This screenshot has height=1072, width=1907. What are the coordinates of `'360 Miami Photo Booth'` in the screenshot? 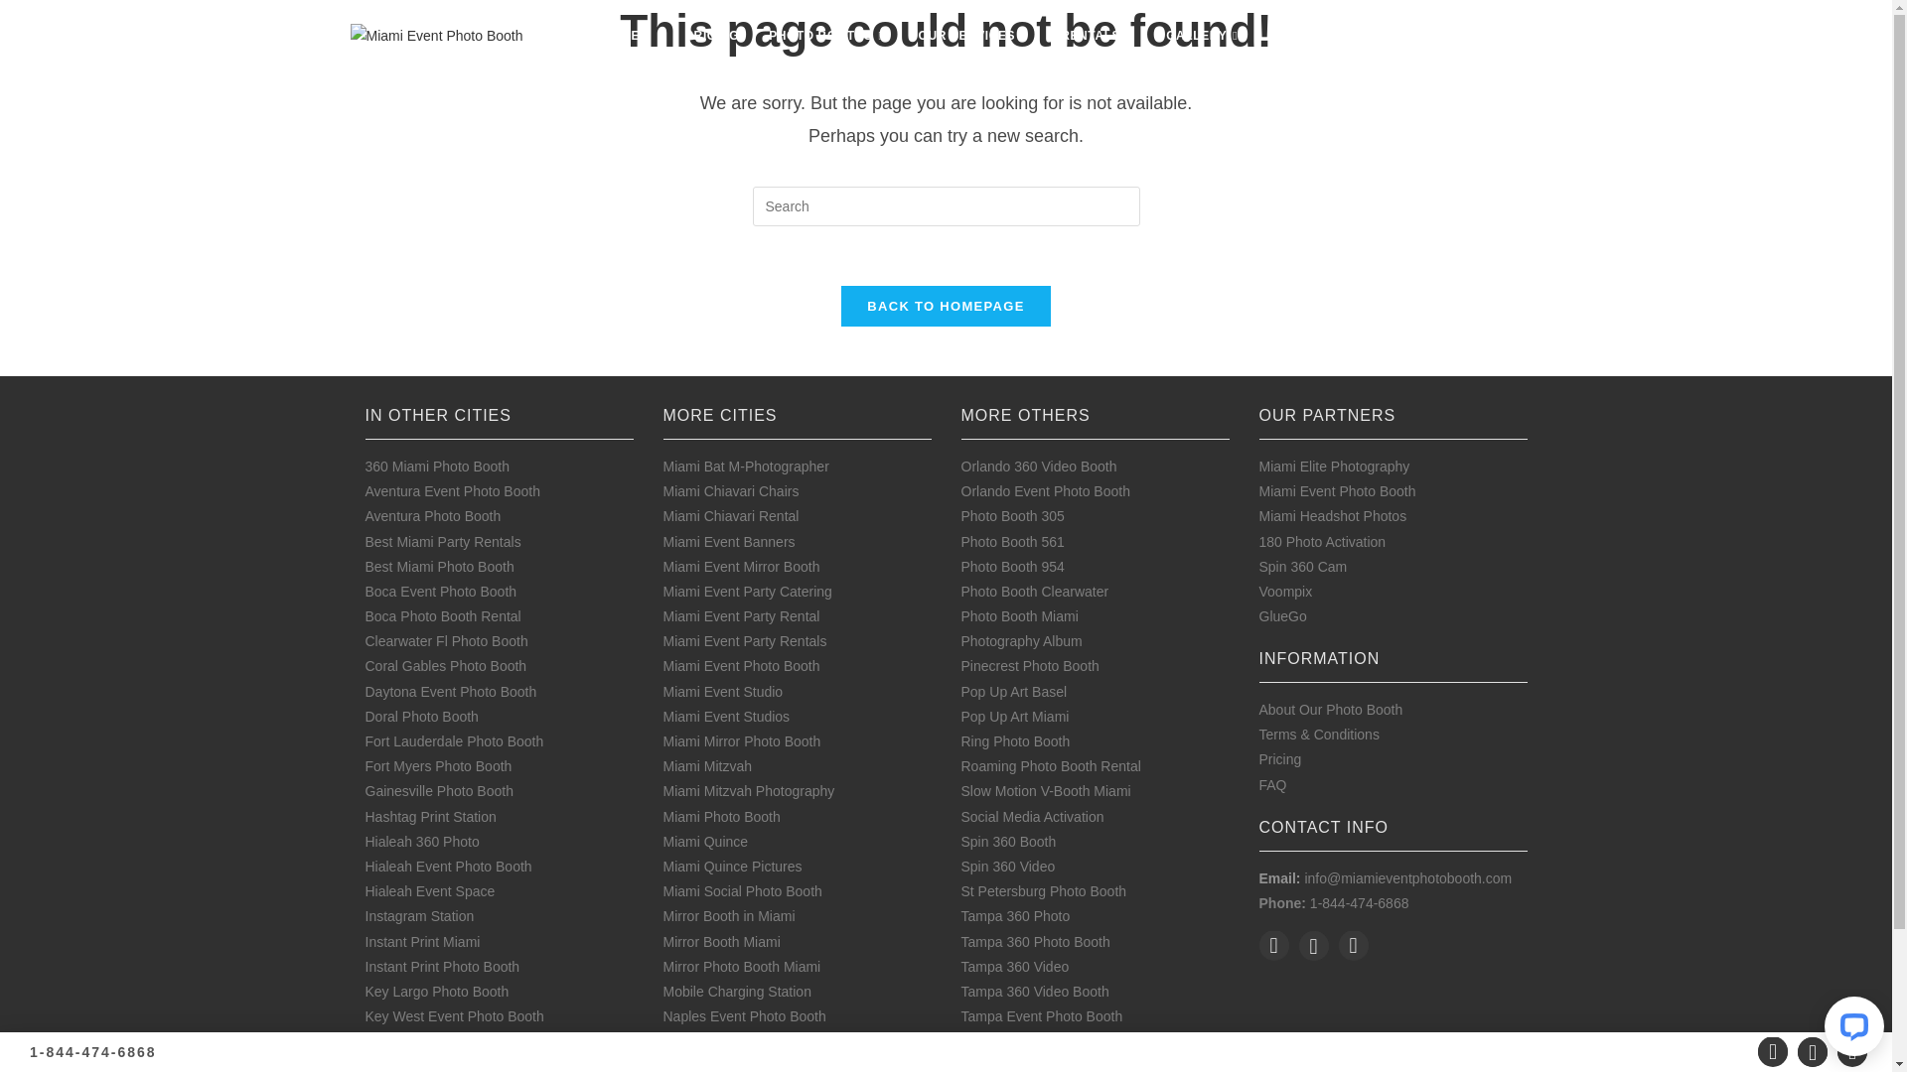 It's located at (366, 467).